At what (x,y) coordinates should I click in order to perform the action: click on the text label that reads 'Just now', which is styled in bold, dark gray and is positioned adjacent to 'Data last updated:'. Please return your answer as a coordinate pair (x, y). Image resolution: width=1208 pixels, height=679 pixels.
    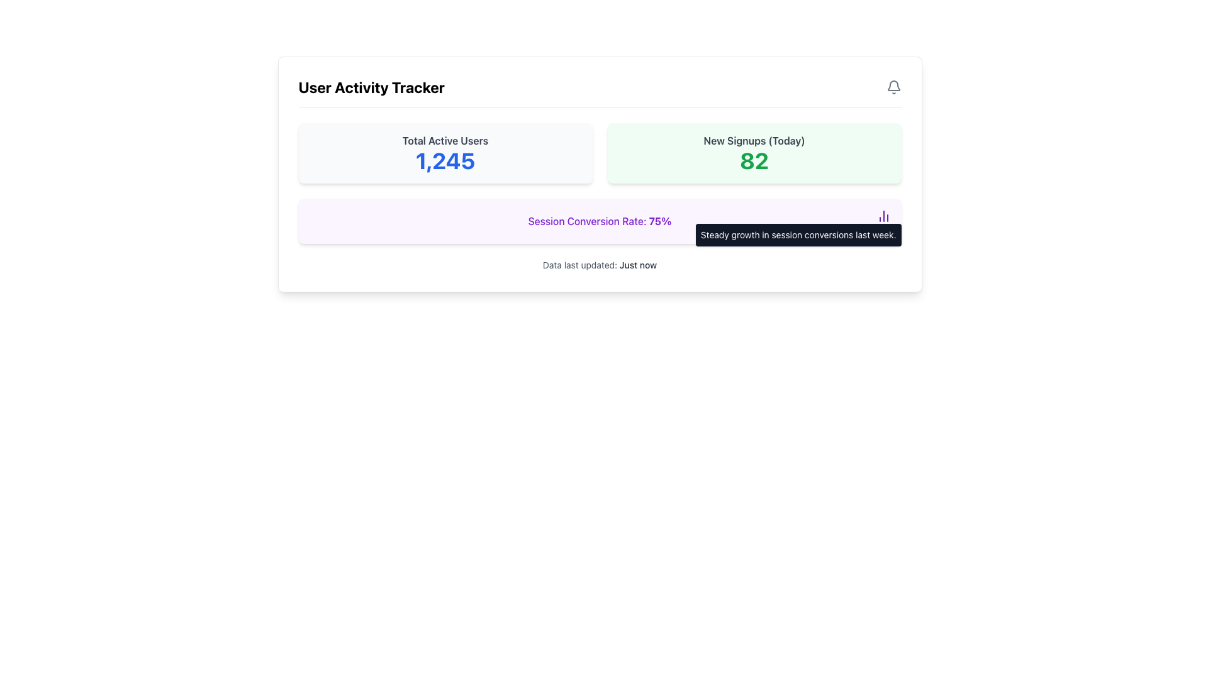
    Looking at the image, I should click on (638, 264).